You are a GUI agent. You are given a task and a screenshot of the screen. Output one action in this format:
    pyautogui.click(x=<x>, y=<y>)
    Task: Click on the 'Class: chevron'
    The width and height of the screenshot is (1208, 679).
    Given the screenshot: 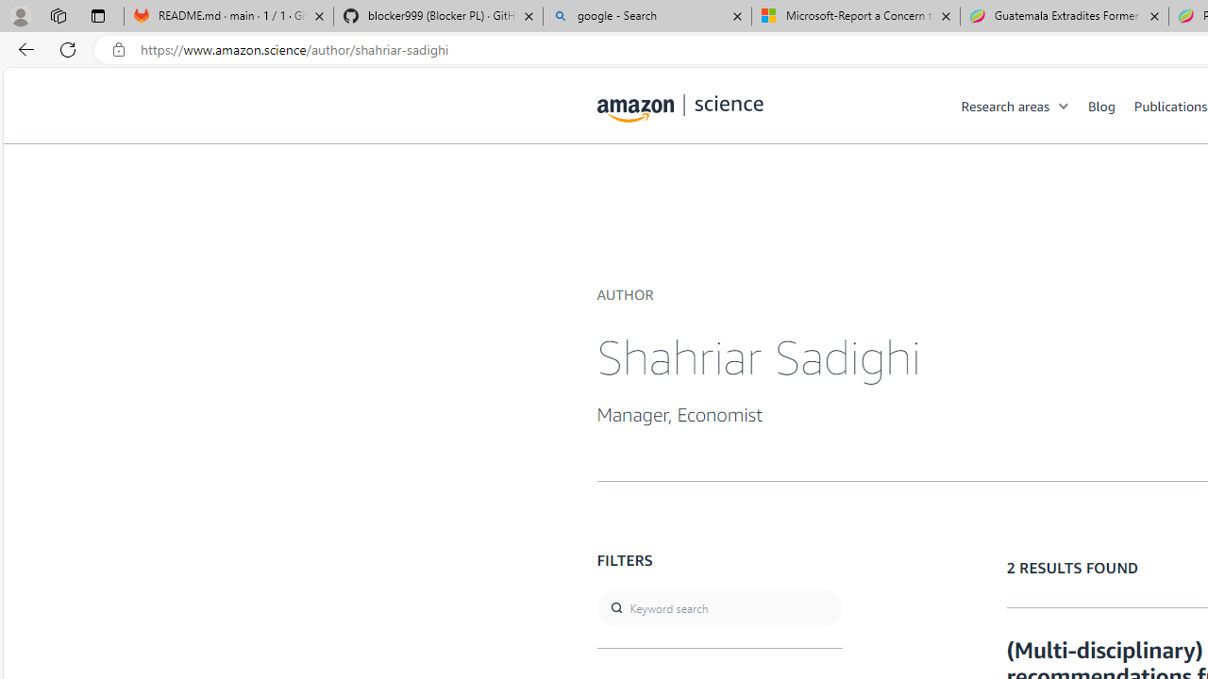 What is the action you would take?
    pyautogui.click(x=1065, y=110)
    